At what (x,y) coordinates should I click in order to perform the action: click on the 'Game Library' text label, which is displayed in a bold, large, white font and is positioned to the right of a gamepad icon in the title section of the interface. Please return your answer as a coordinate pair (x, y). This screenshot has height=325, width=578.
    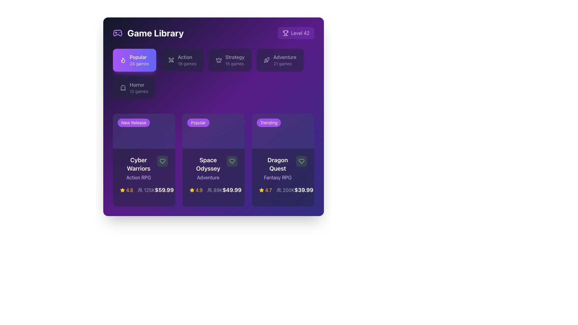
    Looking at the image, I should click on (155, 33).